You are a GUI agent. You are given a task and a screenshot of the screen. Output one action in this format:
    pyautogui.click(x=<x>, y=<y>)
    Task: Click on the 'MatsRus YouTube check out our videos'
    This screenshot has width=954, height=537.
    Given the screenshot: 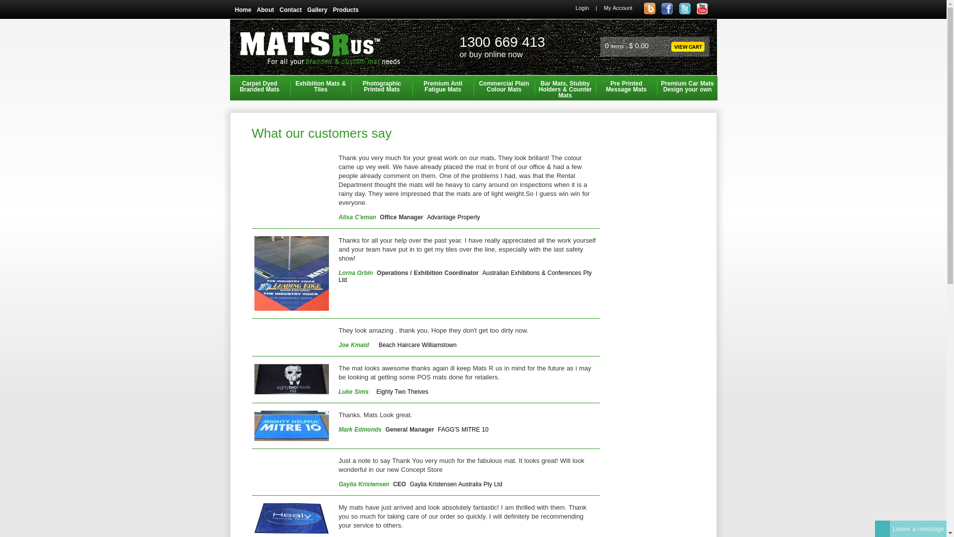 What is the action you would take?
    pyautogui.click(x=701, y=8)
    